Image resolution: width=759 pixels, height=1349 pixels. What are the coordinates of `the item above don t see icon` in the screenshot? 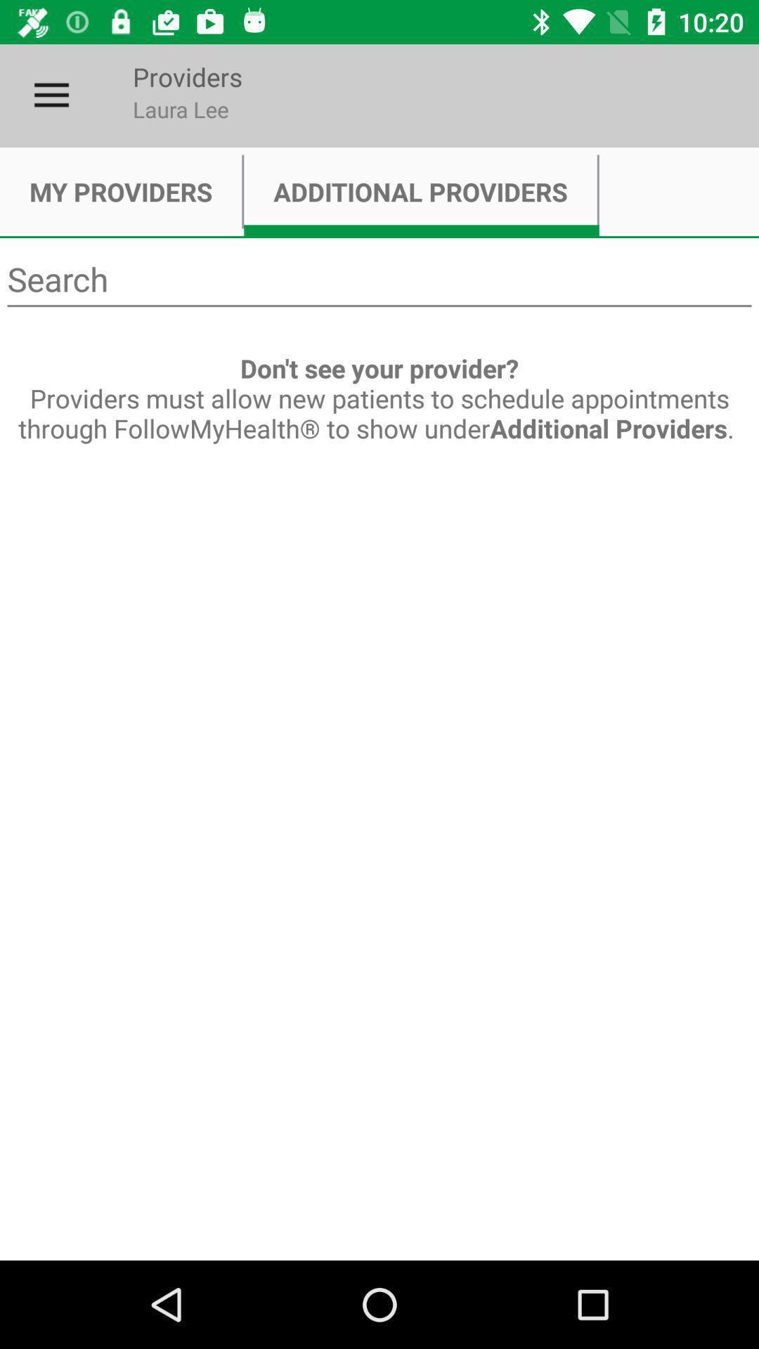 It's located at (379, 280).